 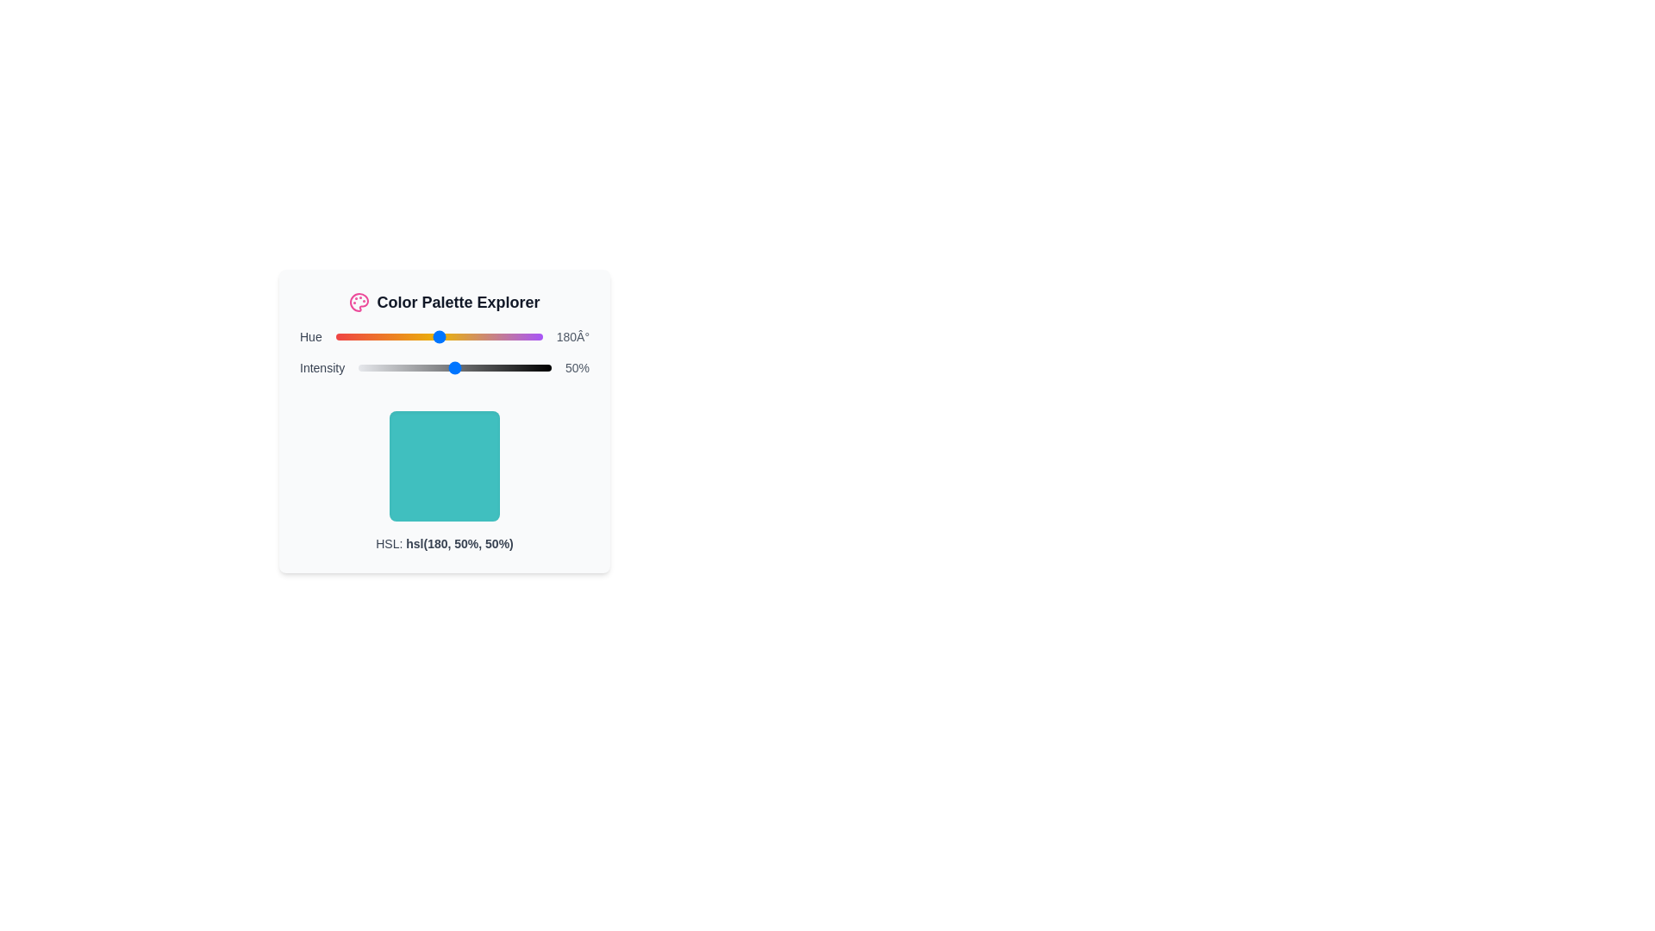 I want to click on the hue slider to set its value to 122, so click(x=404, y=336).